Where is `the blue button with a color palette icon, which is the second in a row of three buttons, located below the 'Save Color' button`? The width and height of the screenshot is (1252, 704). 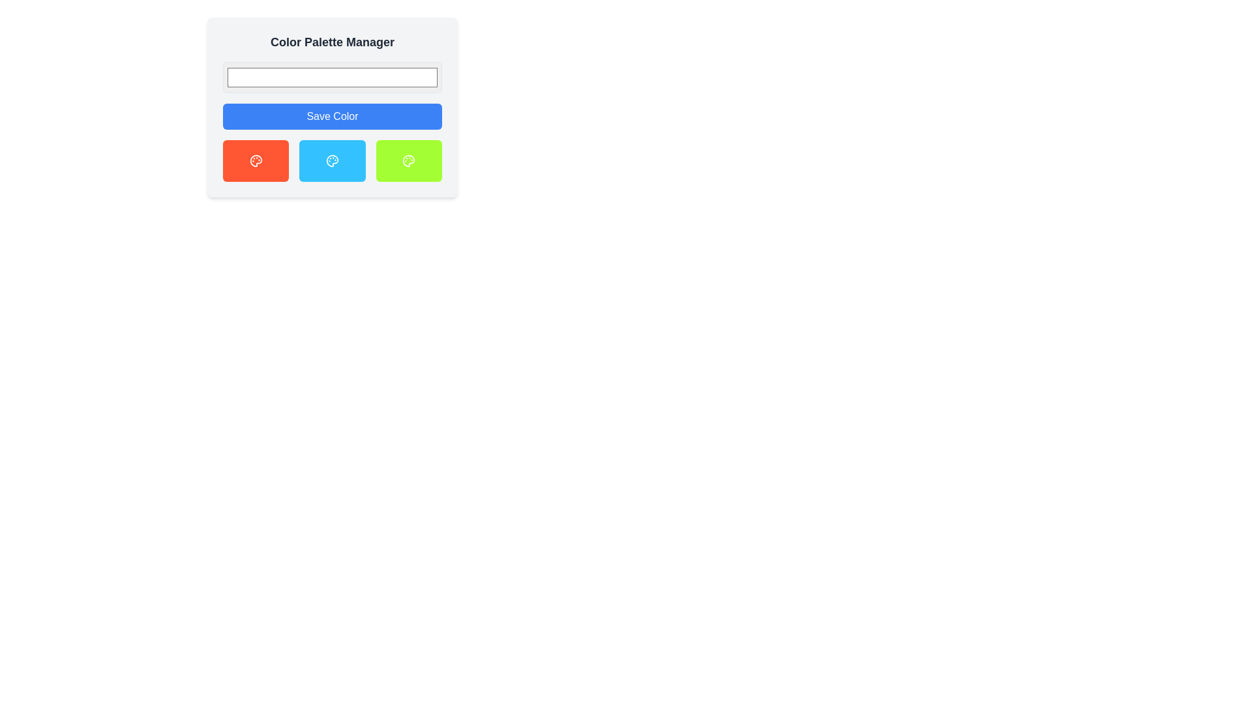 the blue button with a color palette icon, which is the second in a row of three buttons, located below the 'Save Color' button is located at coordinates (332, 160).